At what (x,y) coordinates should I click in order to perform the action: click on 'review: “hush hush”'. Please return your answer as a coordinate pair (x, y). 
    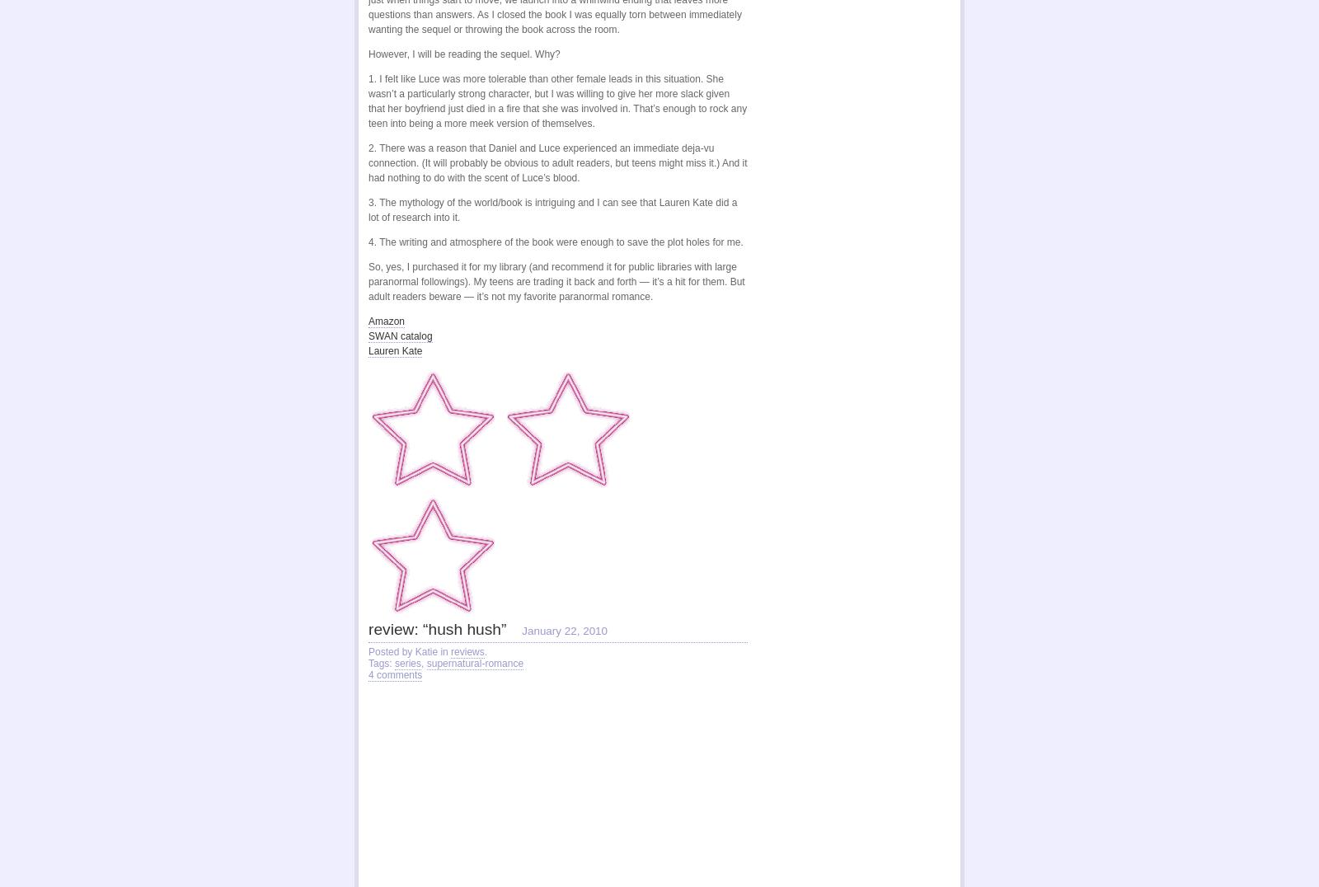
    Looking at the image, I should click on (436, 624).